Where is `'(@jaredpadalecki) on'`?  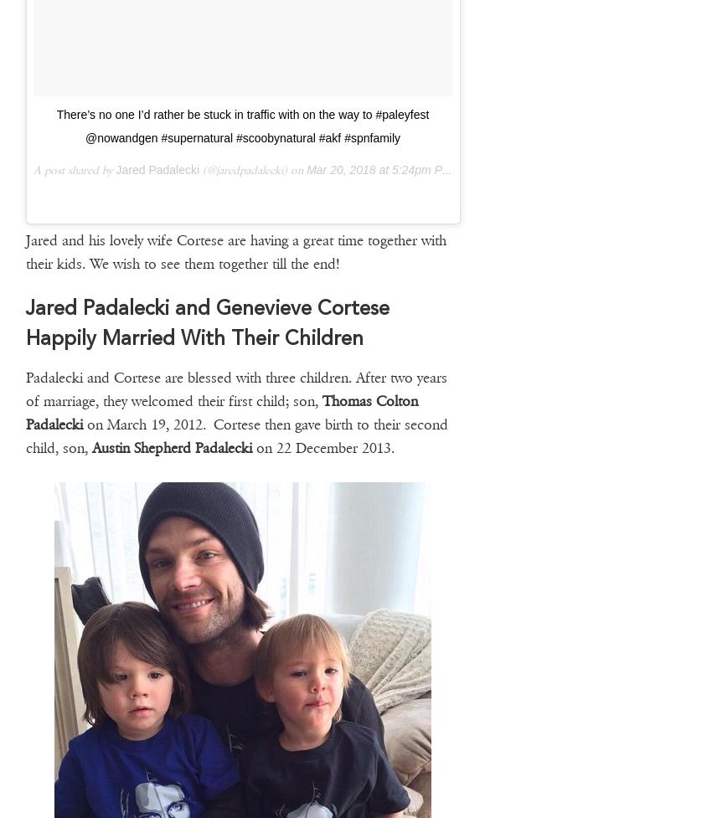 '(@jaredpadalecki) on' is located at coordinates (199, 168).